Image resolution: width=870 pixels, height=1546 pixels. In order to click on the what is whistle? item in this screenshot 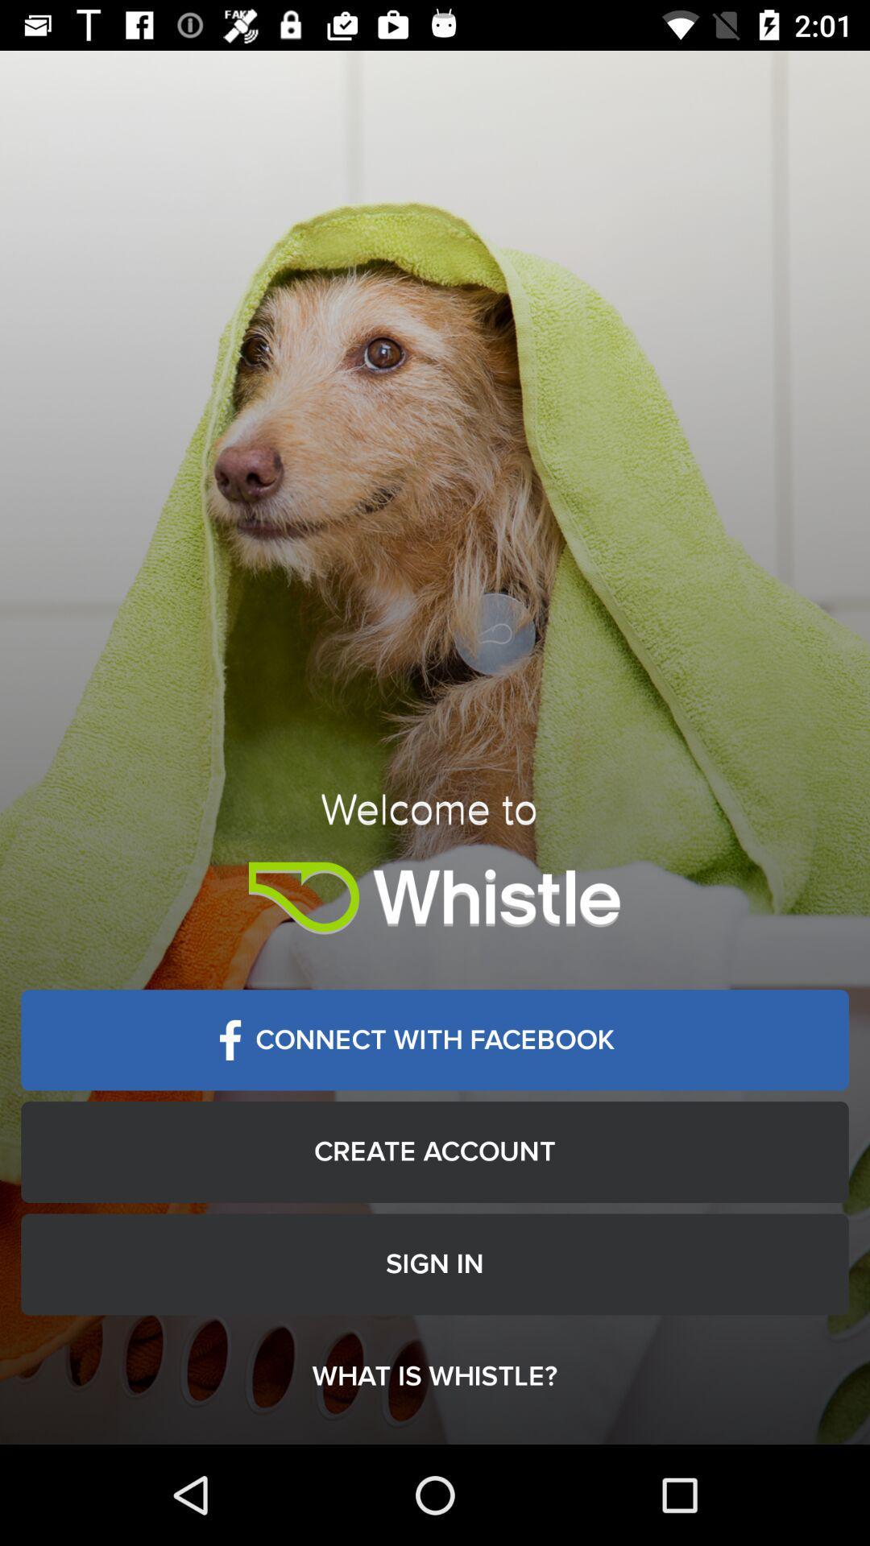, I will do `click(435, 1375)`.